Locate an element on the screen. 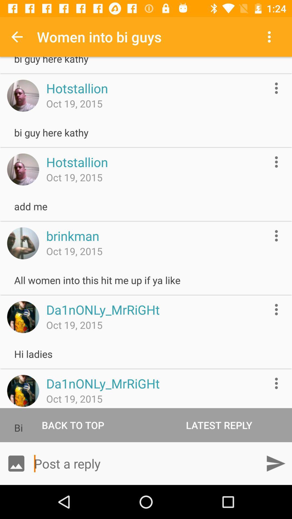 The width and height of the screenshot is (292, 519). see image is located at coordinates (23, 391).